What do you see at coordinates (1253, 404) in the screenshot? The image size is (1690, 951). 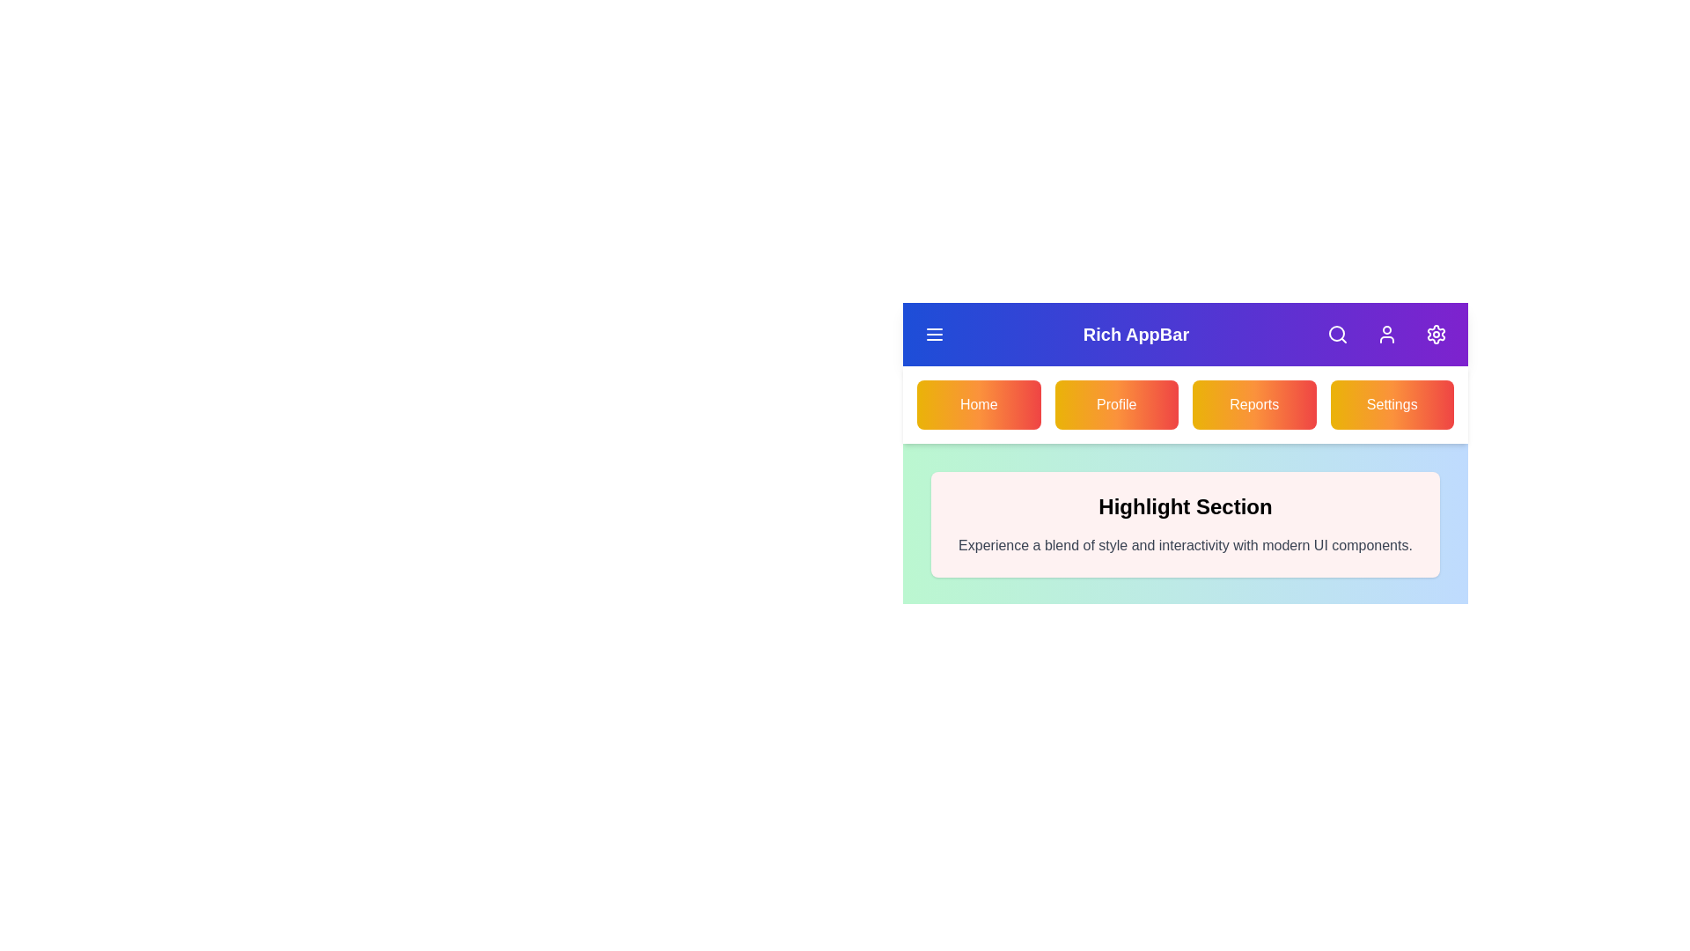 I see `the button labeled Reports to observe its hover effect` at bounding box center [1253, 404].